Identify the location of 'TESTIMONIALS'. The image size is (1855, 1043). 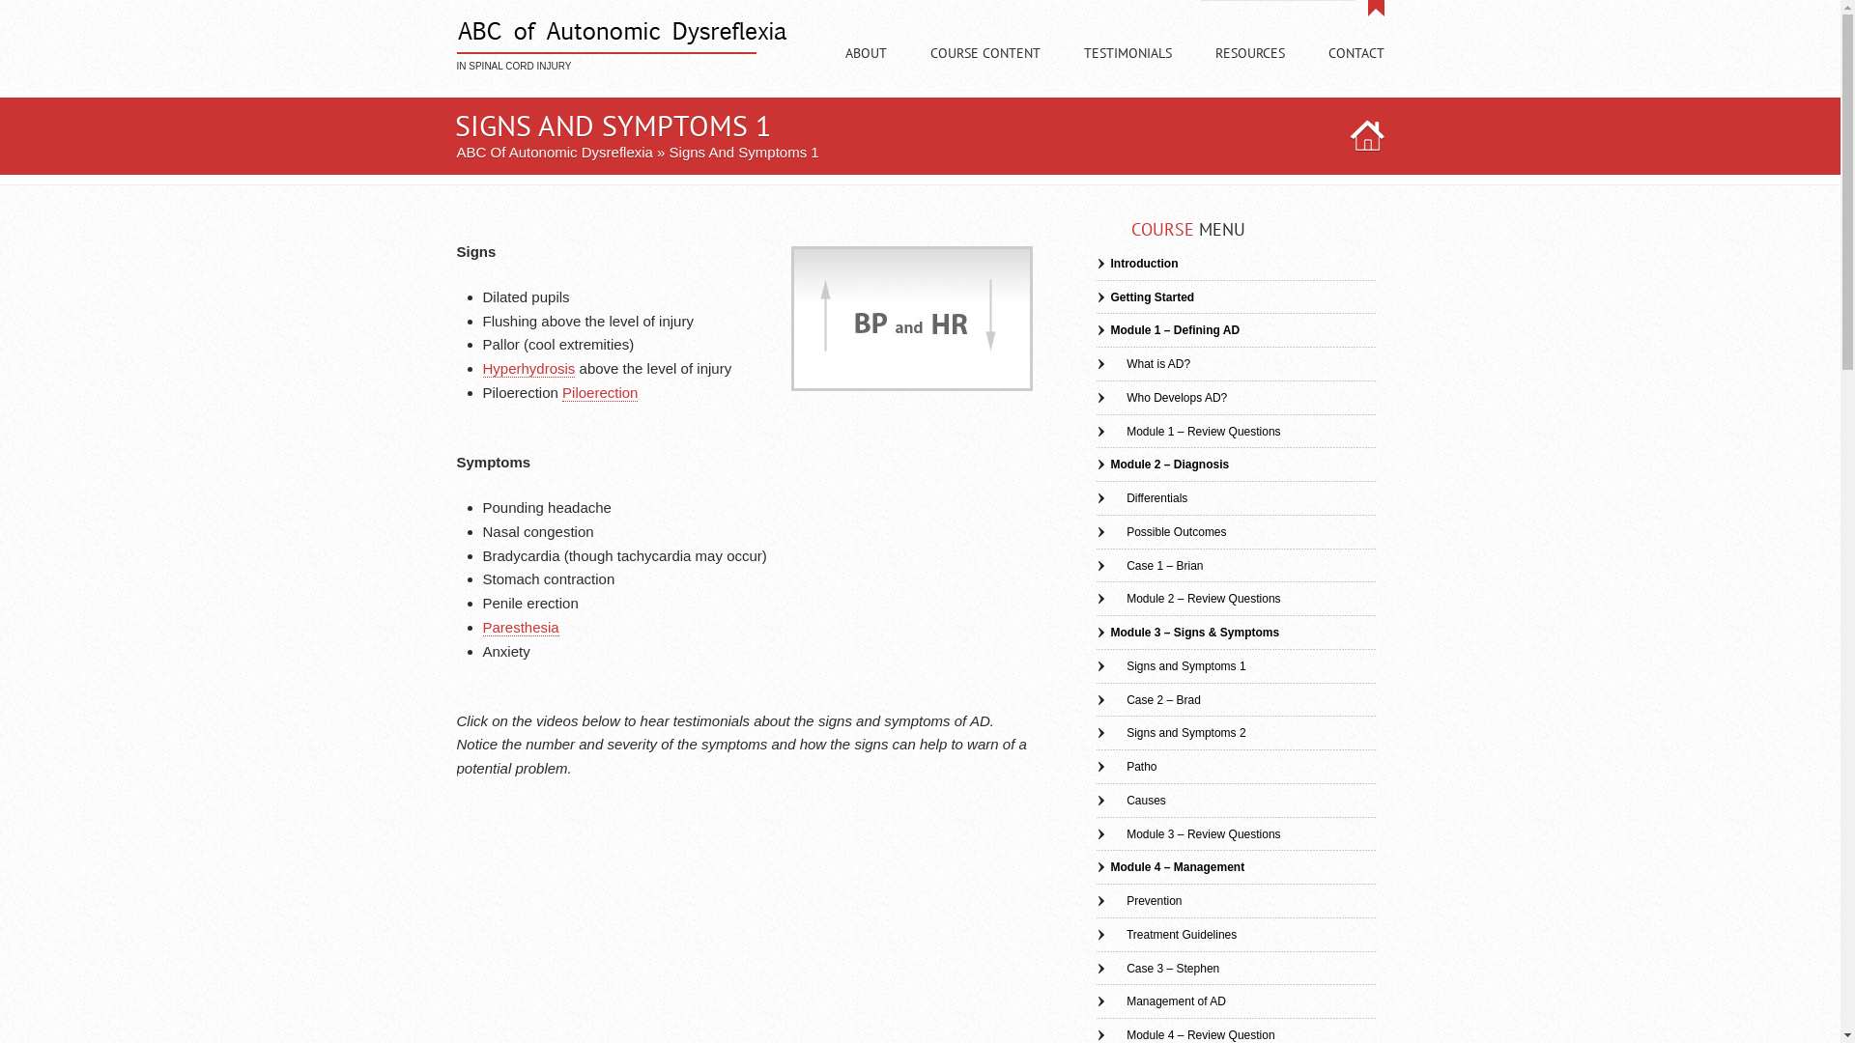
(1127, 70).